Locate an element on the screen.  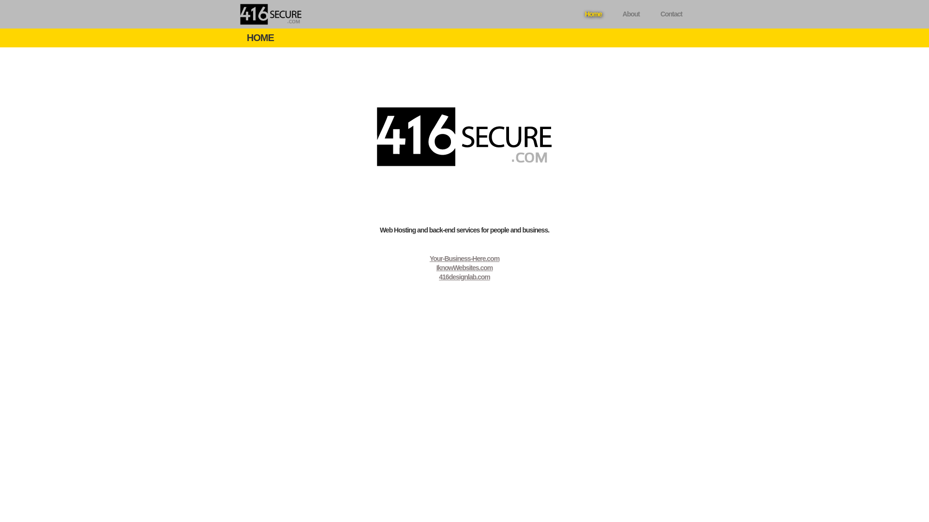
'Home' is located at coordinates (593, 14).